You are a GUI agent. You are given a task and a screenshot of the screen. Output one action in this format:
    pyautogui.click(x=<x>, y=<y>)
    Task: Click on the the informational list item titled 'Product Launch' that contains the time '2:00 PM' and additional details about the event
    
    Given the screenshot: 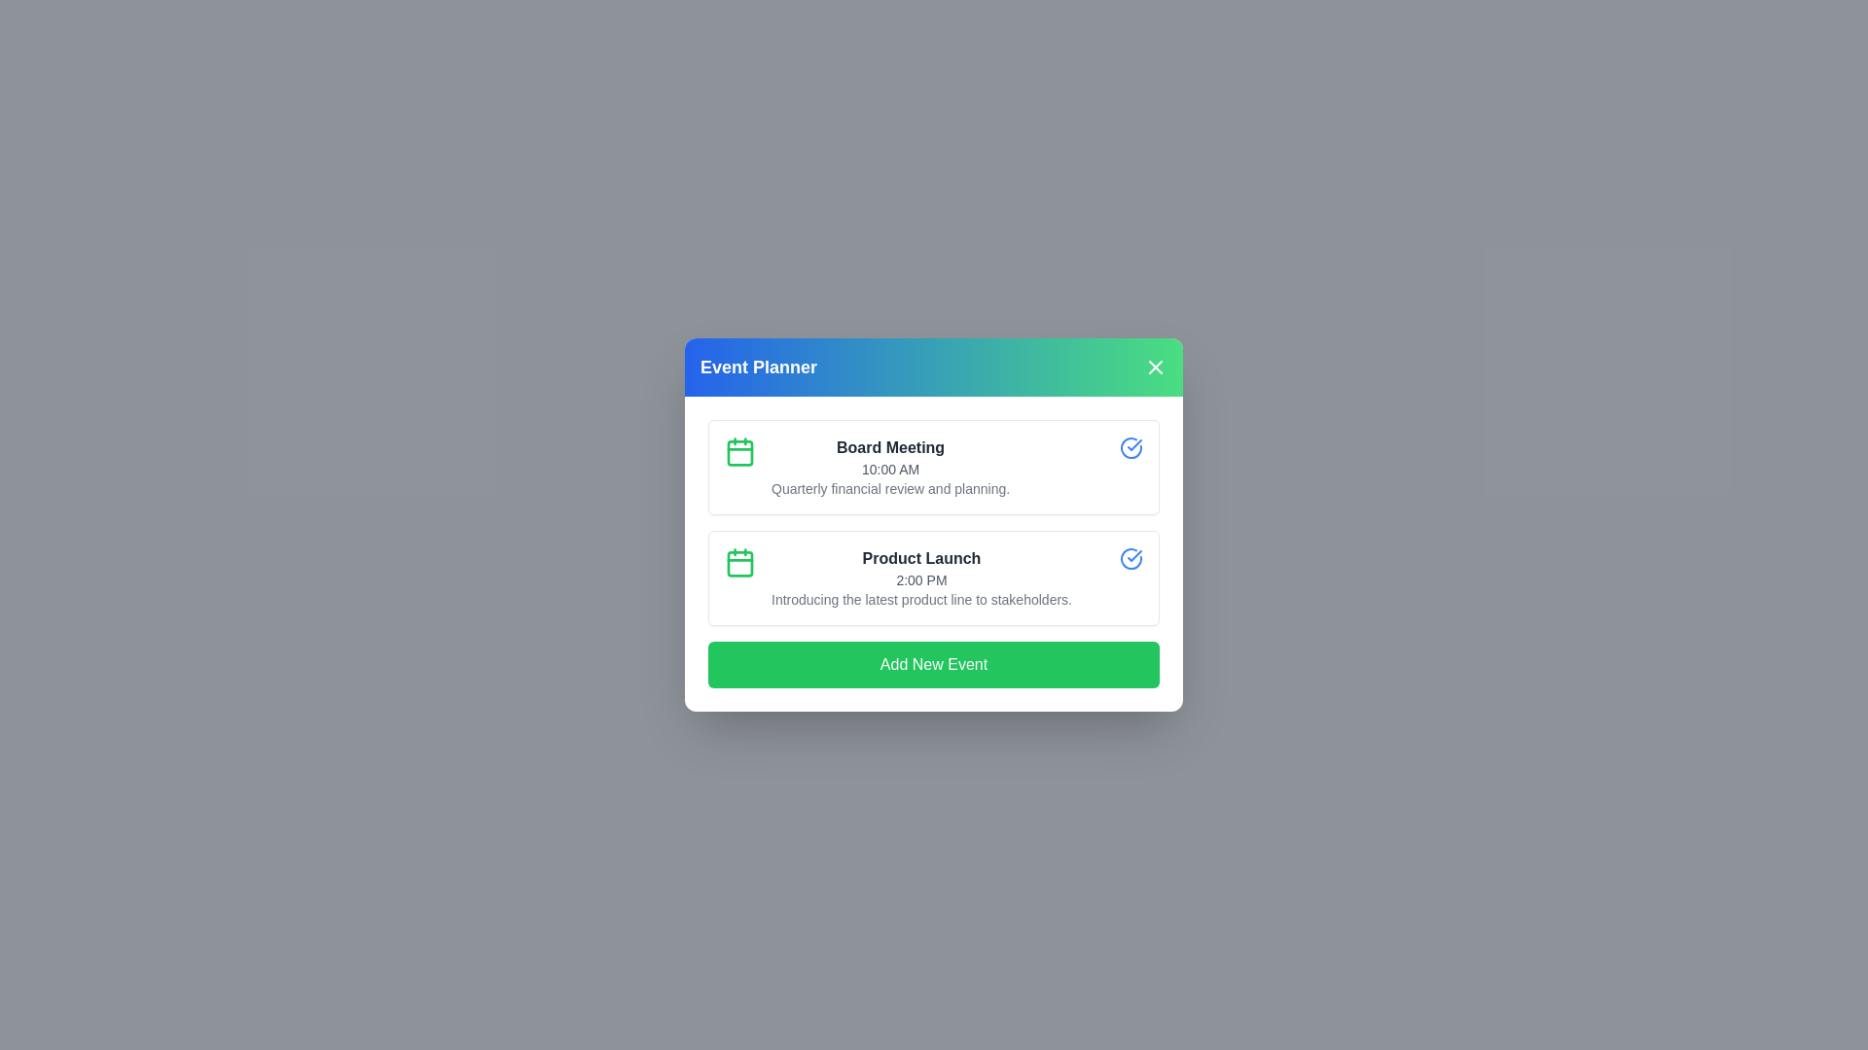 What is the action you would take?
    pyautogui.click(x=920, y=577)
    